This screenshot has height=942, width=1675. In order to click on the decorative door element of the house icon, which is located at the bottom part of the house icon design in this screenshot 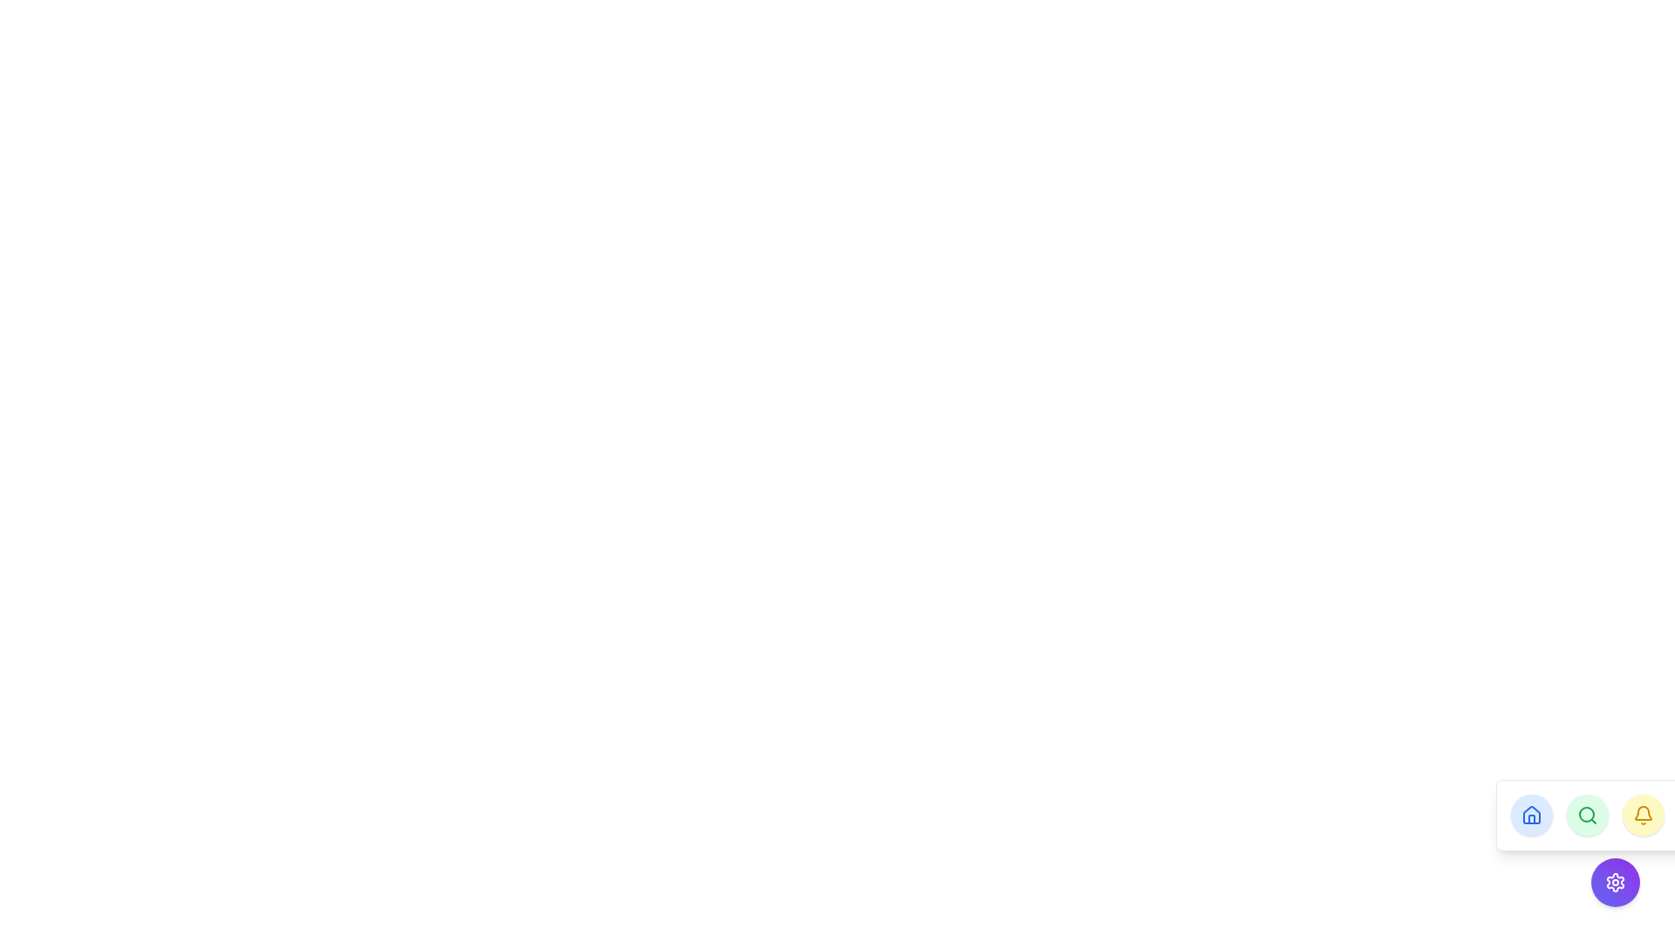, I will do `click(1531, 818)`.